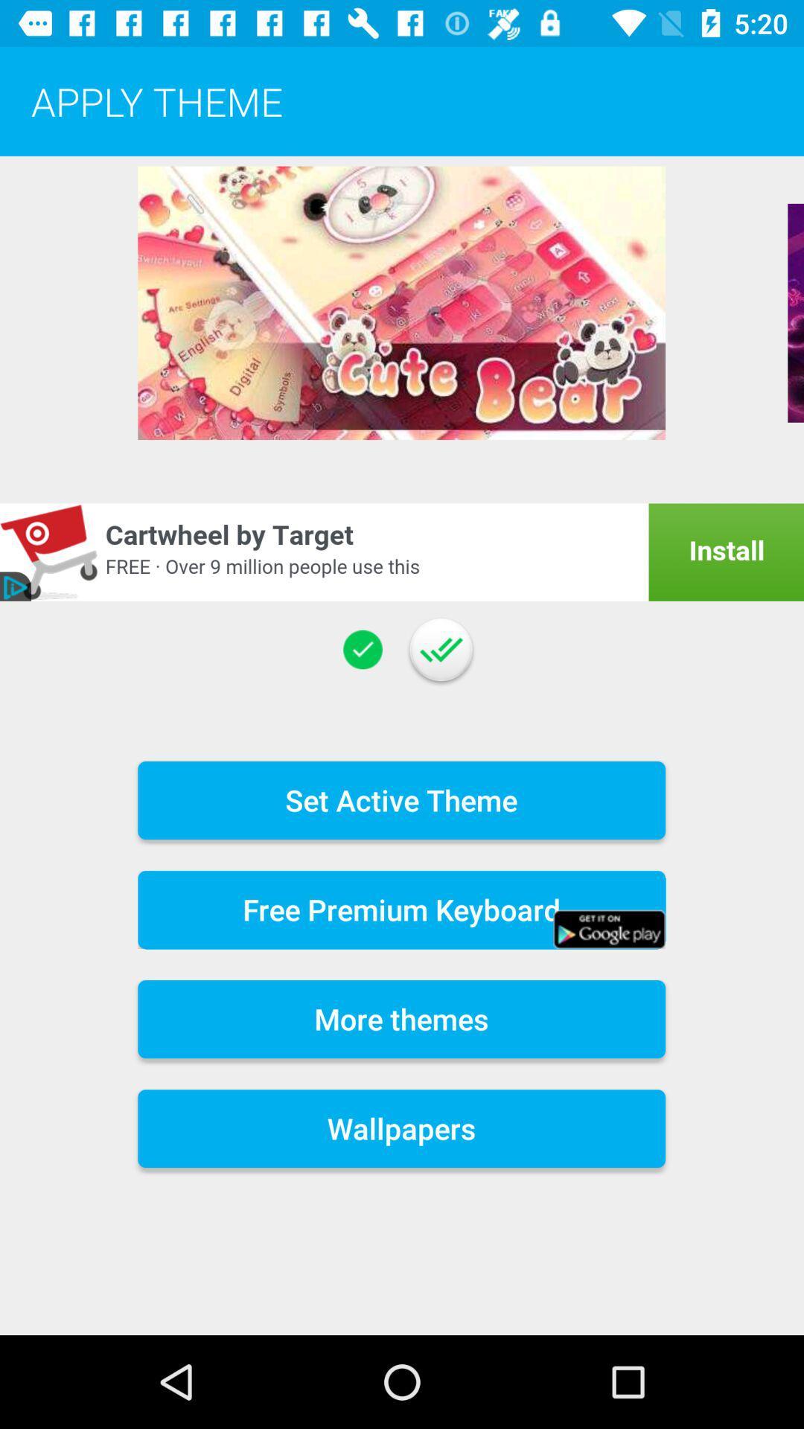 Image resolution: width=804 pixels, height=1429 pixels. Describe the element at coordinates (401, 799) in the screenshot. I see `set active theme item` at that location.